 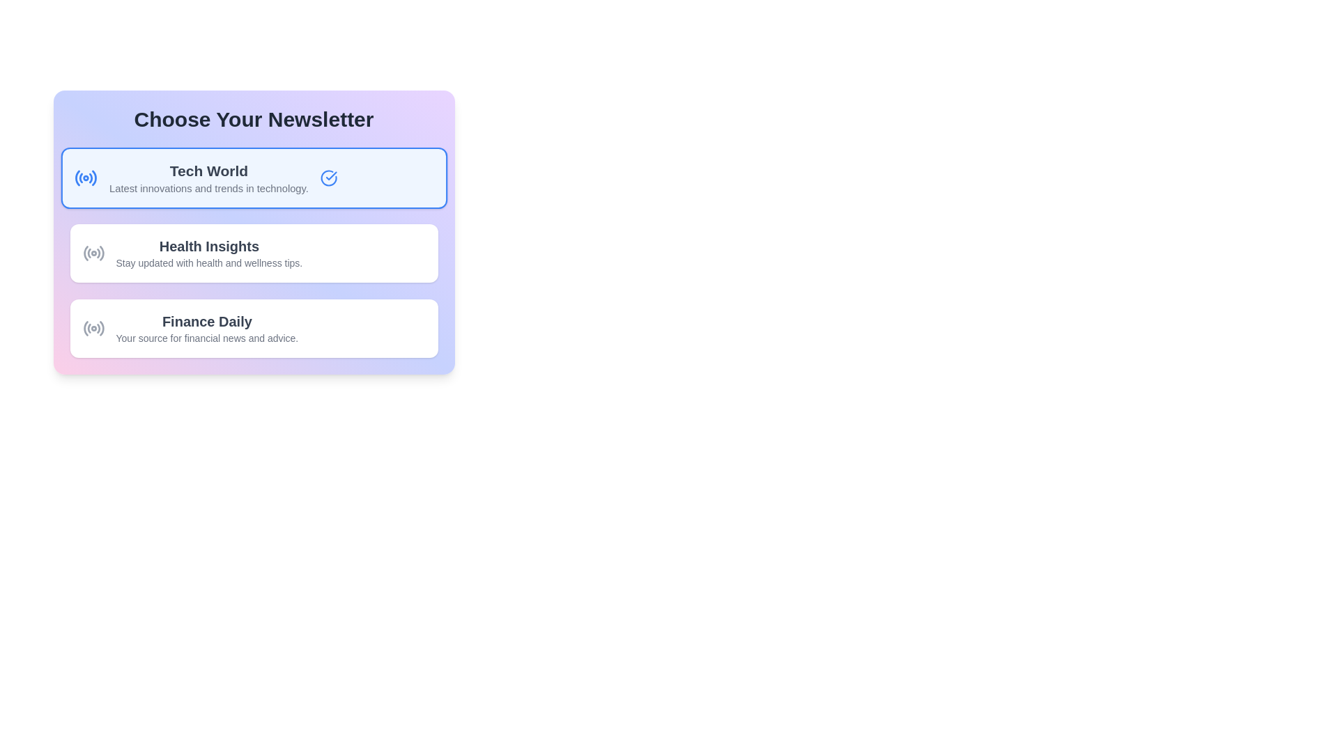 I want to click on the Interactive Card located in the 'Choose Your Newsletter' section, so click(x=254, y=328).